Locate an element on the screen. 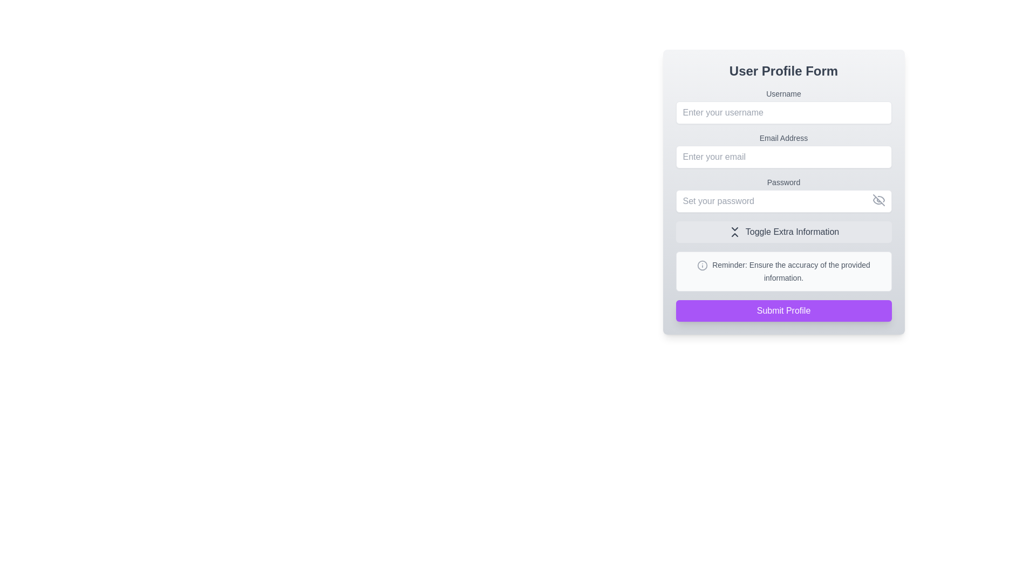 Image resolution: width=1036 pixels, height=583 pixels. the Icon button located at the far right of the password input field is located at coordinates (878, 200).